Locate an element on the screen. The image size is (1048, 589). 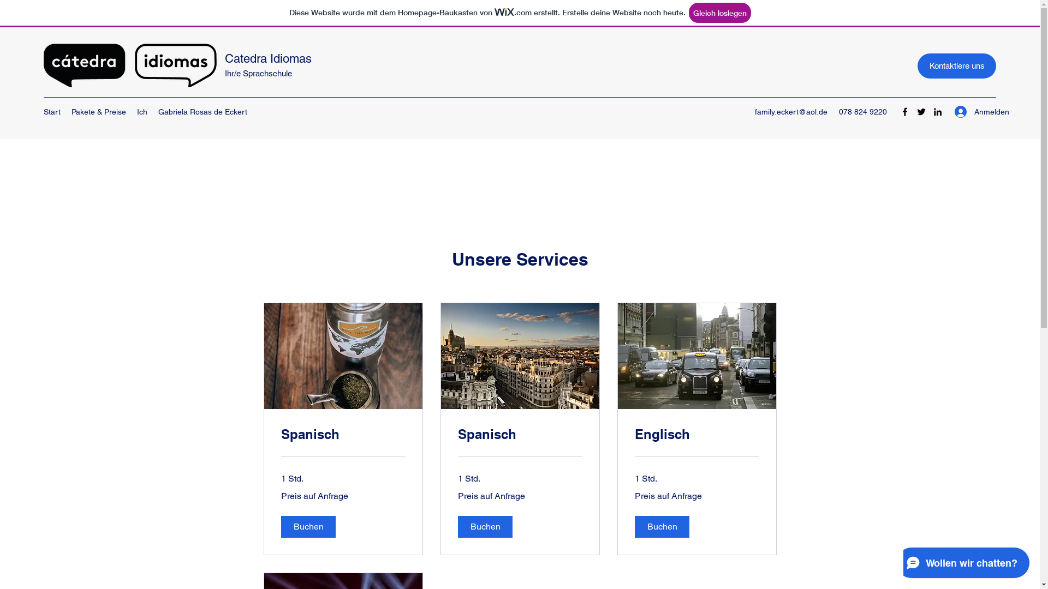
'Buchen' is located at coordinates (307, 526).